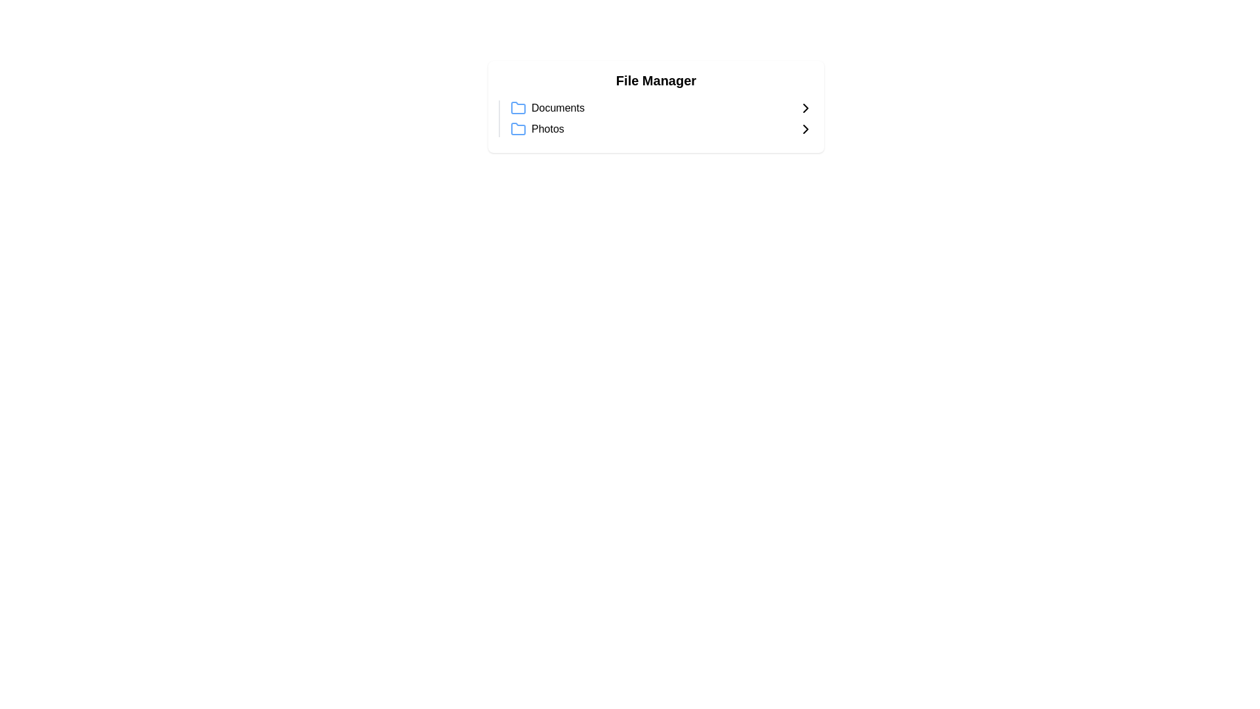  What do you see at coordinates (518, 129) in the screenshot?
I see `the blue folder icon located to the left of the 'Photos' label` at bounding box center [518, 129].